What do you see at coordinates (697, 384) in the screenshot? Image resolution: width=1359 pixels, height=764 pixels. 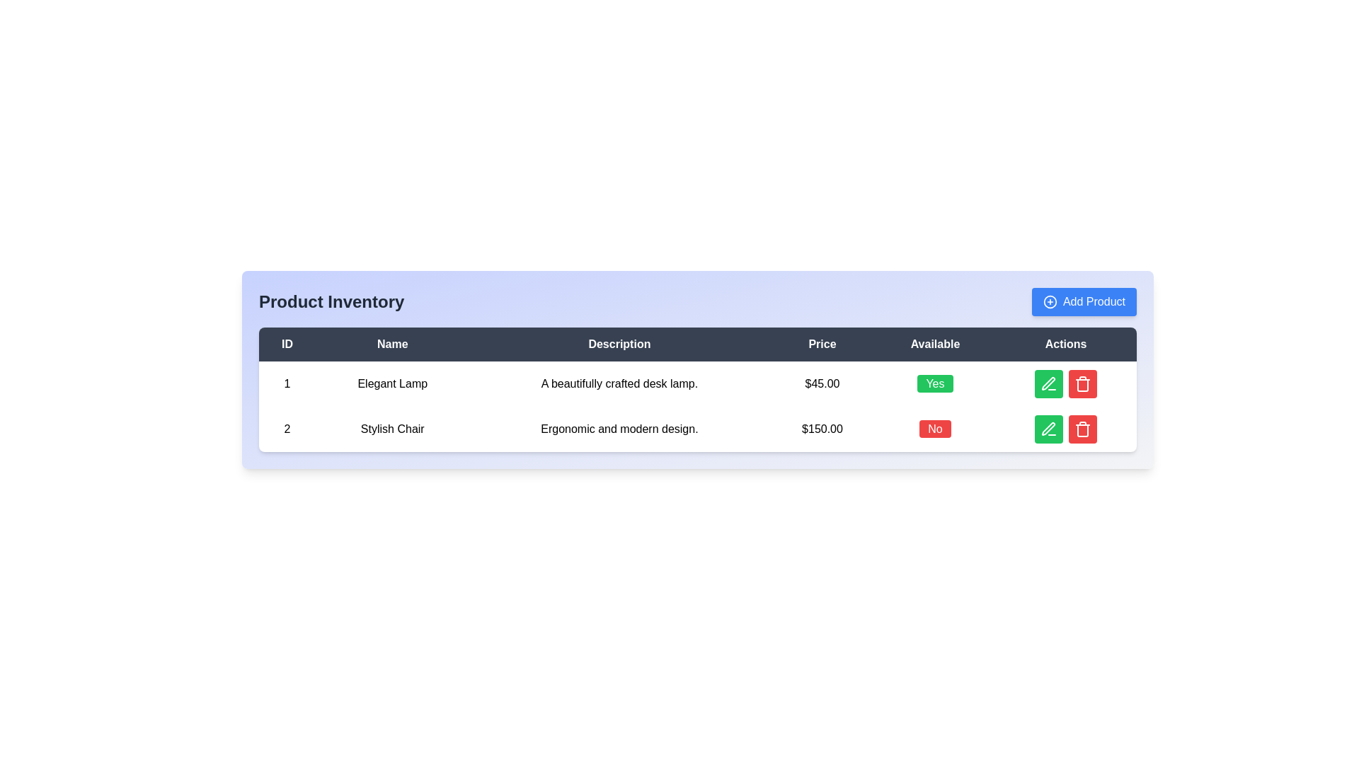 I see `the first row of the product inventory table` at bounding box center [697, 384].